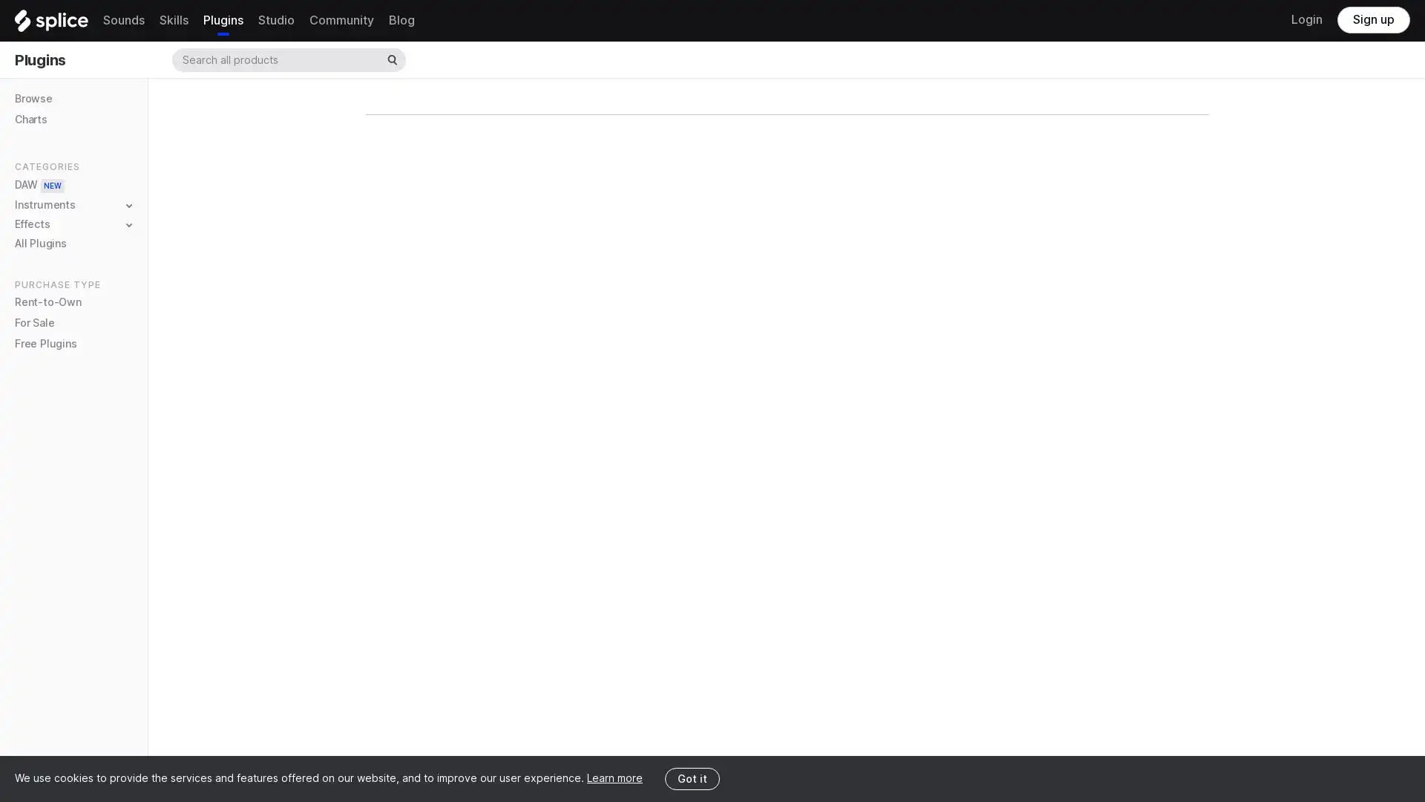 The height and width of the screenshot is (802, 1425). What do you see at coordinates (691, 777) in the screenshot?
I see `Got it` at bounding box center [691, 777].